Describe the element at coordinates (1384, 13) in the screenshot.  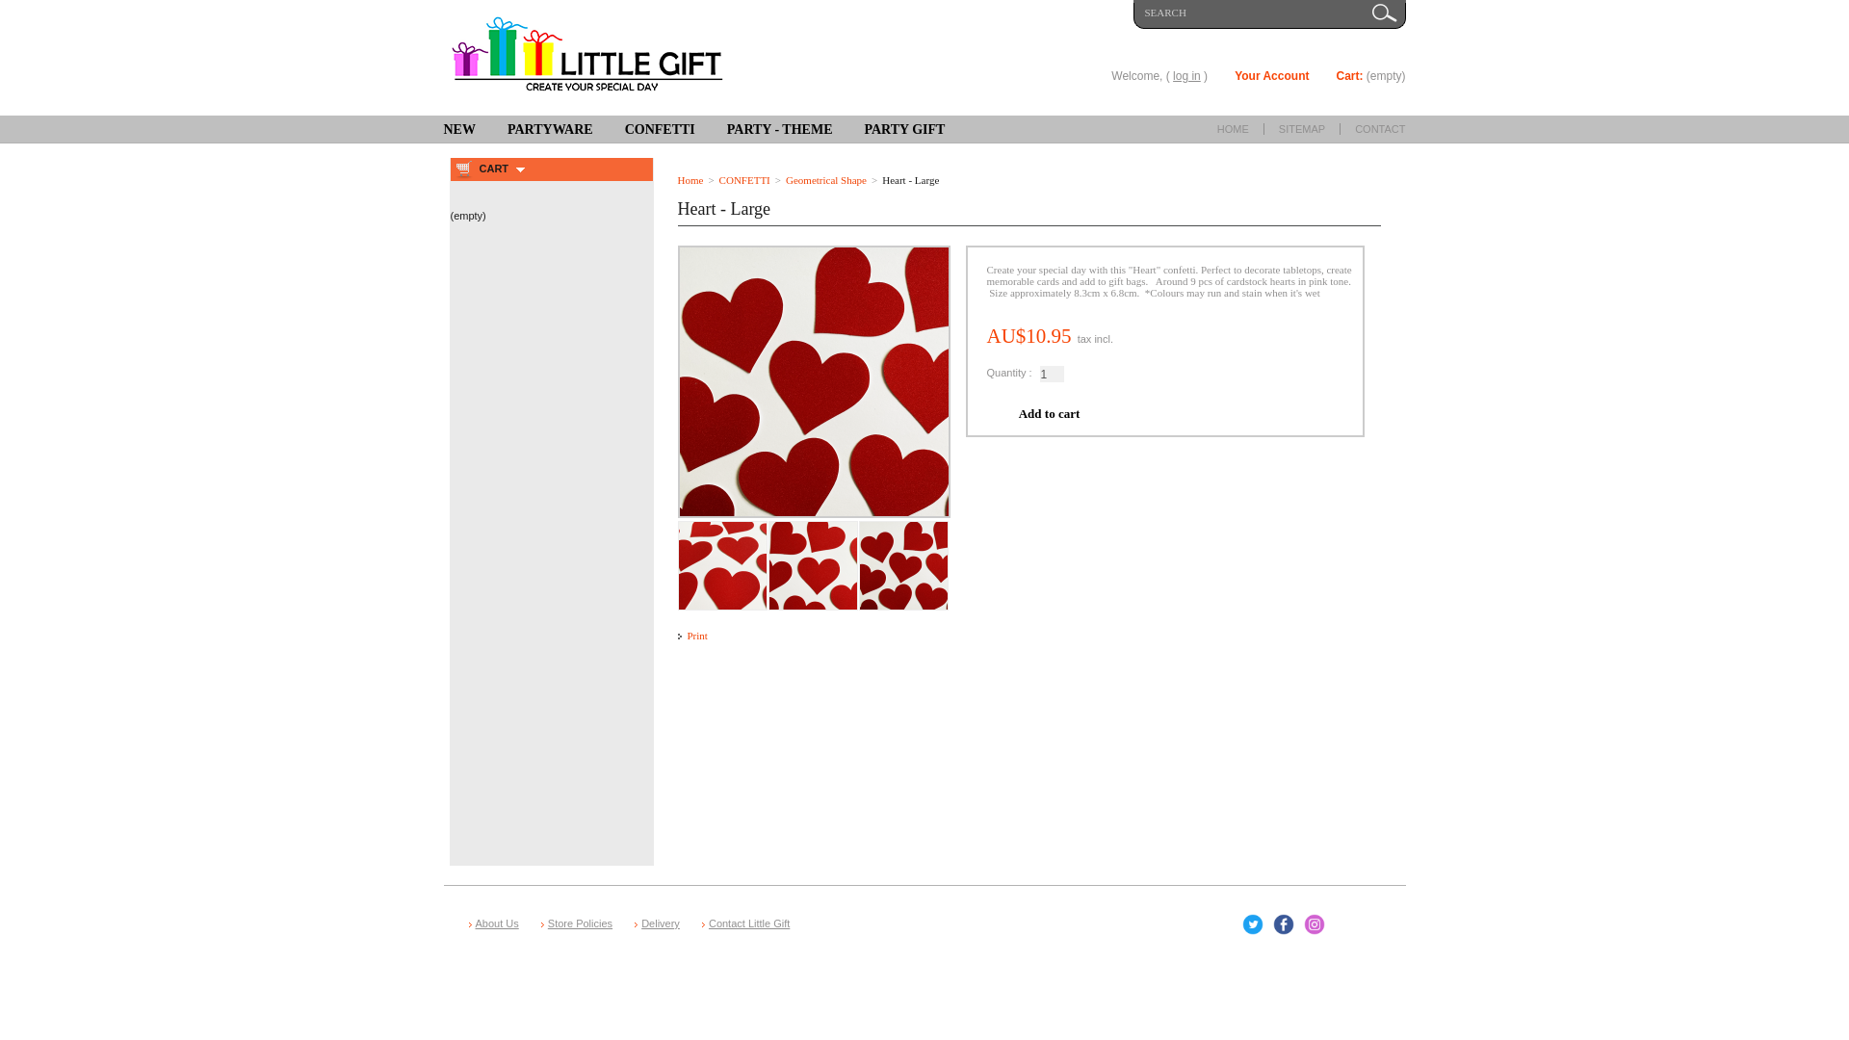
I see `'Go!'` at that location.